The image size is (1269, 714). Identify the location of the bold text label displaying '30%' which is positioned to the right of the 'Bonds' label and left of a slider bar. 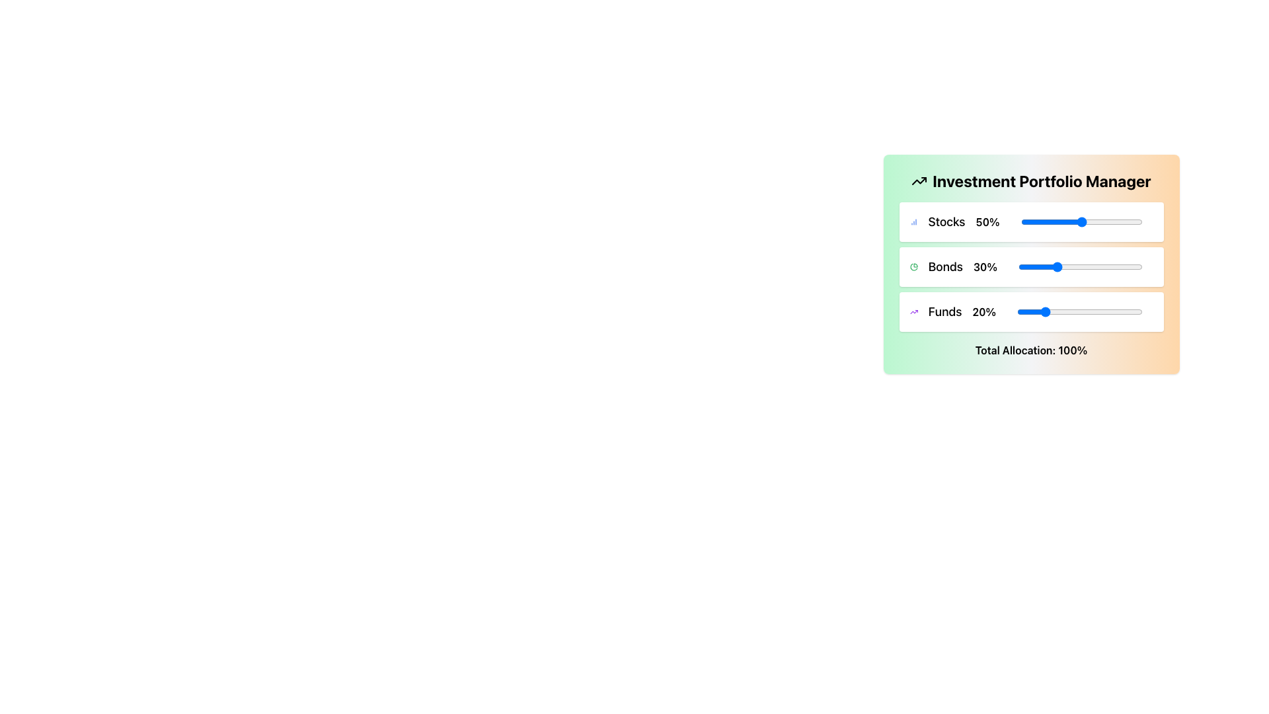
(985, 267).